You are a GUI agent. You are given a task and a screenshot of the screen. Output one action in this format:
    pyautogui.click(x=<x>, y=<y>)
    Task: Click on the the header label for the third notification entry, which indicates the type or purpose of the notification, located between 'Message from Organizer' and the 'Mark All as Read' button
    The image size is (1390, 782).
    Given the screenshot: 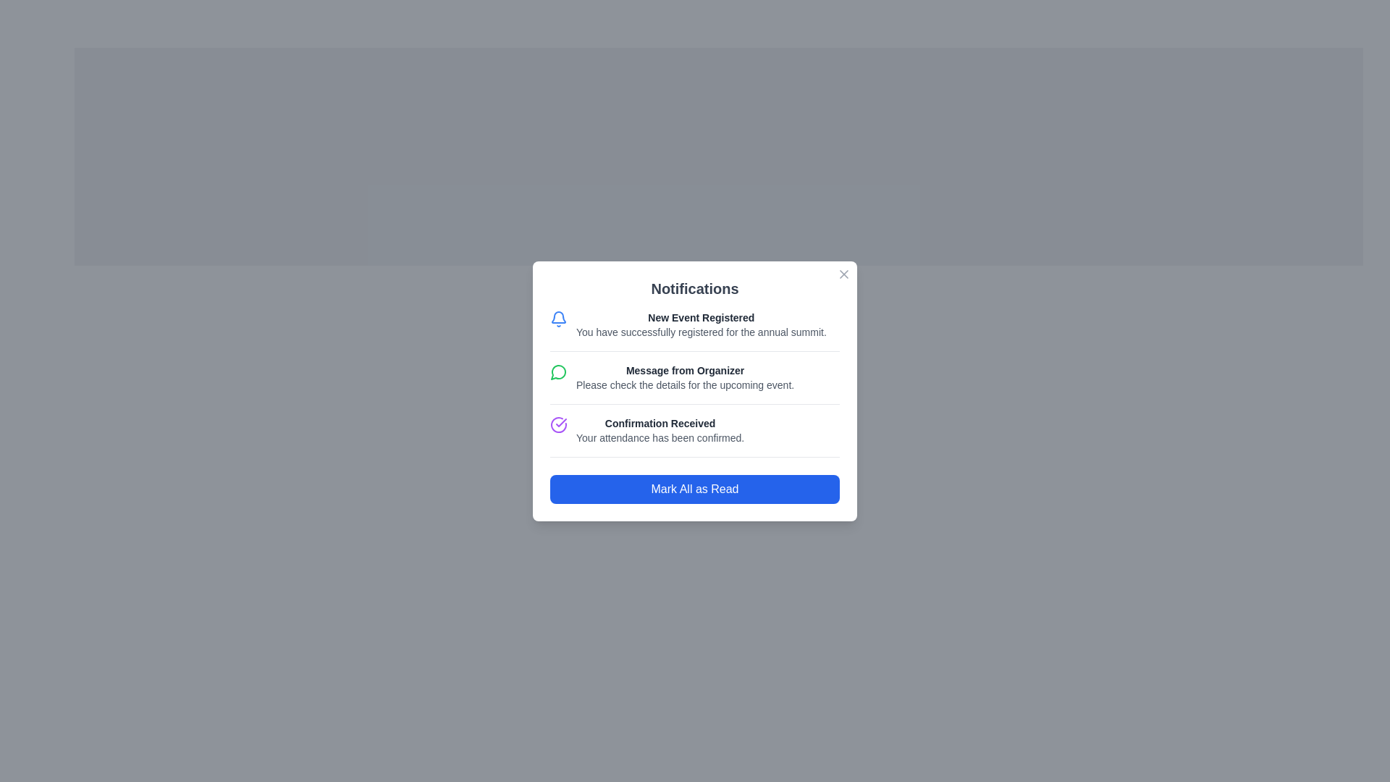 What is the action you would take?
    pyautogui.click(x=660, y=423)
    